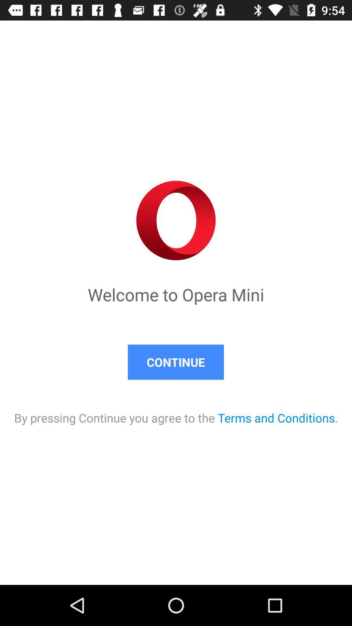 This screenshot has height=626, width=352. I want to click on the by pressing continue icon, so click(176, 411).